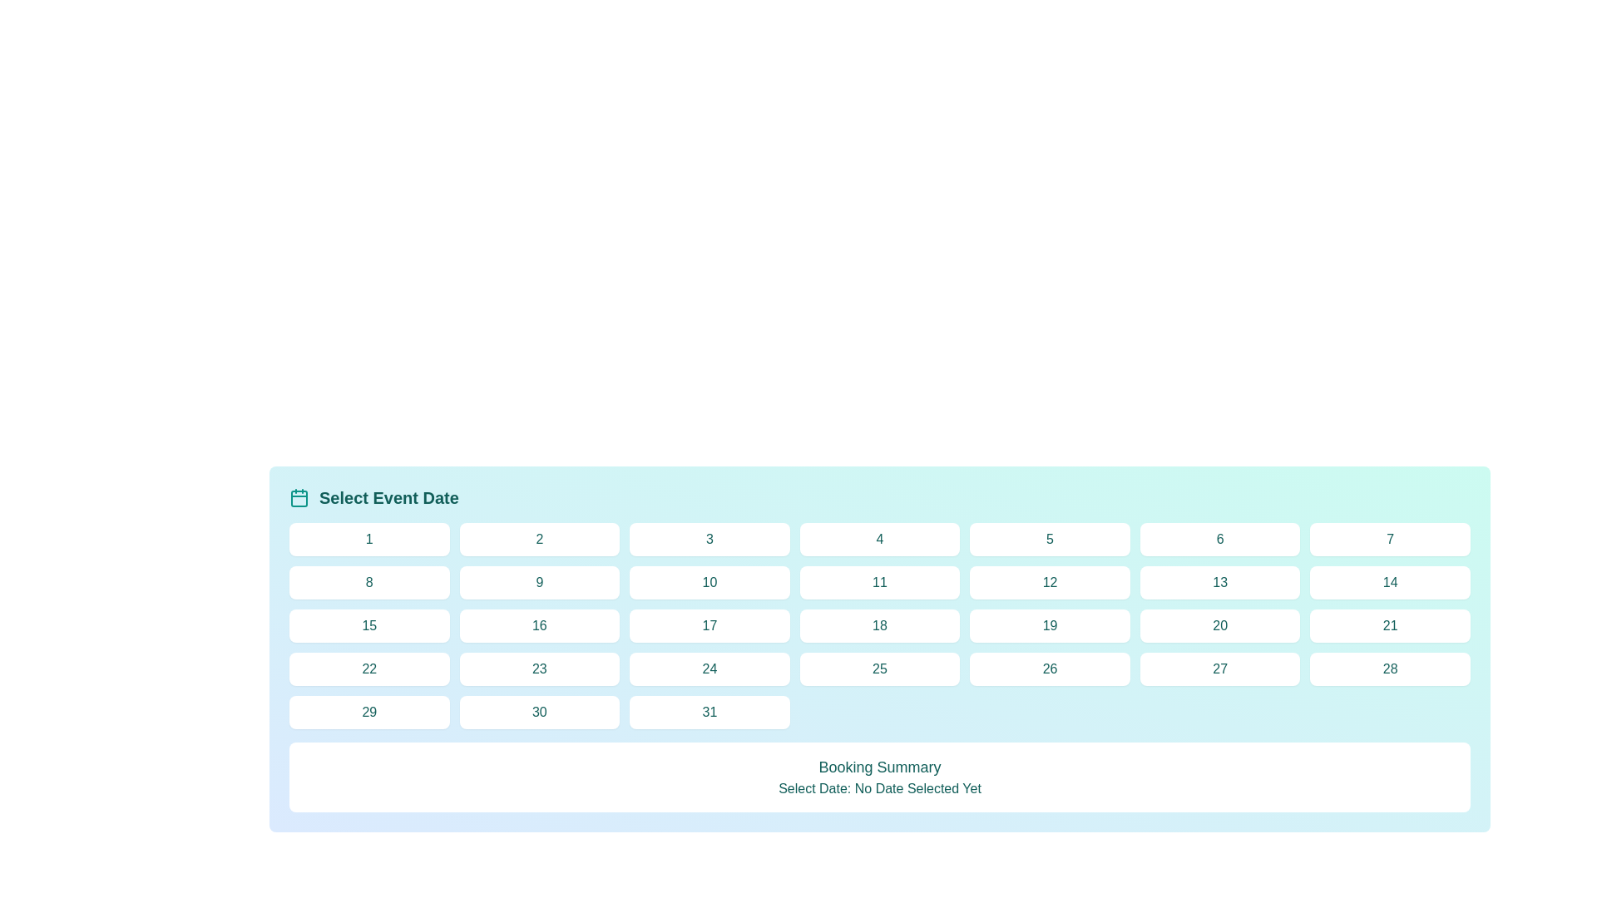 This screenshot has height=898, width=1597. Describe the element at coordinates (539, 582) in the screenshot. I see `the button labeled '9'` at that location.